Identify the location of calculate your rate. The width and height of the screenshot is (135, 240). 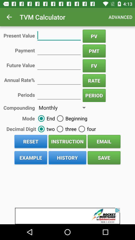
(59, 80).